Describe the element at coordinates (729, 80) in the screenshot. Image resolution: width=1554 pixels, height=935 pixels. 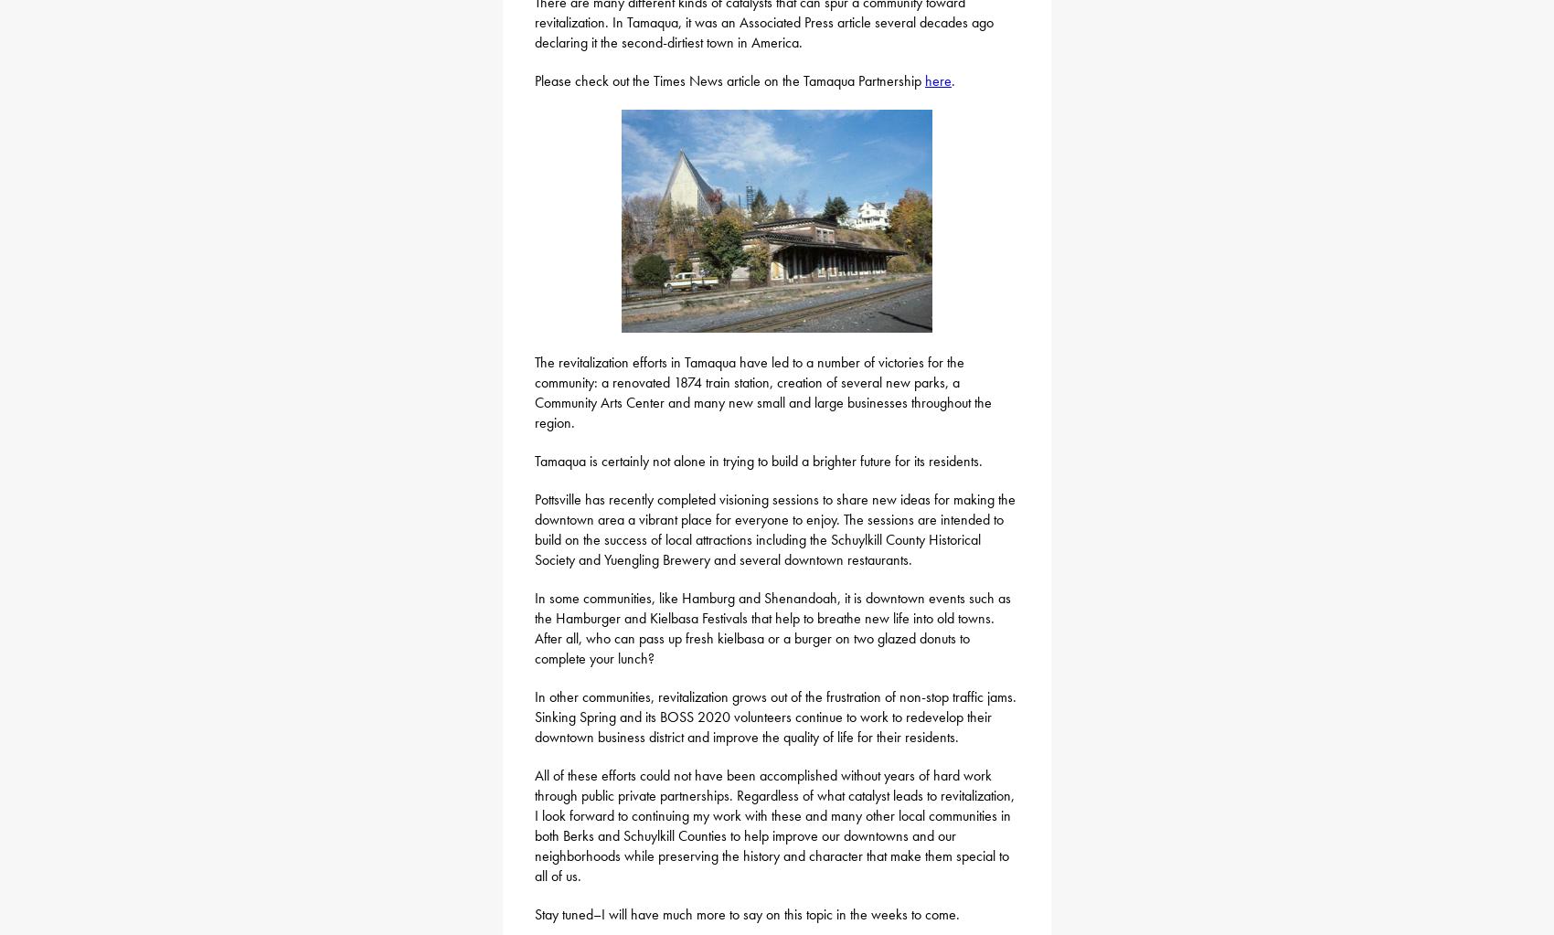
I see `'Please check out the Times News article on the Tamaqua Partnership'` at that location.